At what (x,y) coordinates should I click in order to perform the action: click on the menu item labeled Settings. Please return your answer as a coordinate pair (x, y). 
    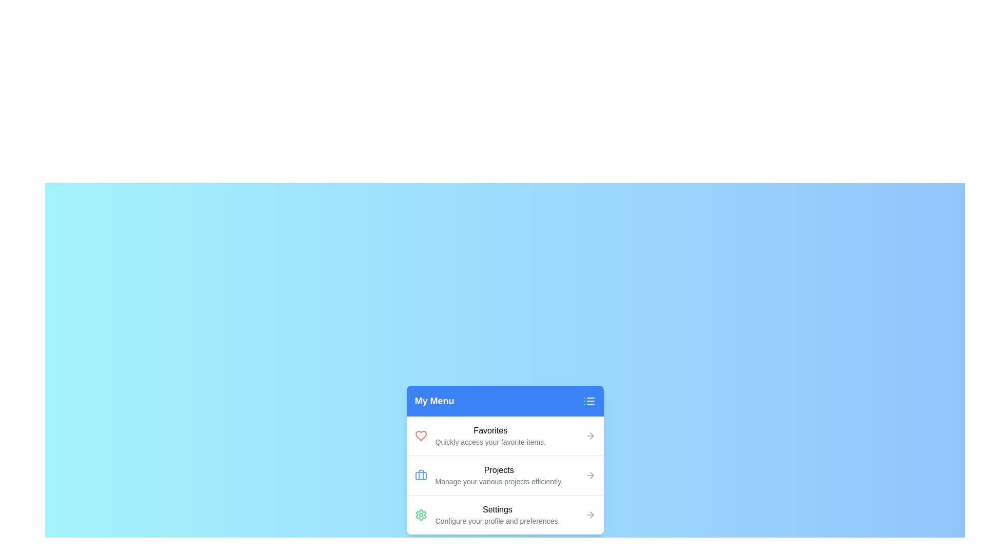
    Looking at the image, I should click on (505, 515).